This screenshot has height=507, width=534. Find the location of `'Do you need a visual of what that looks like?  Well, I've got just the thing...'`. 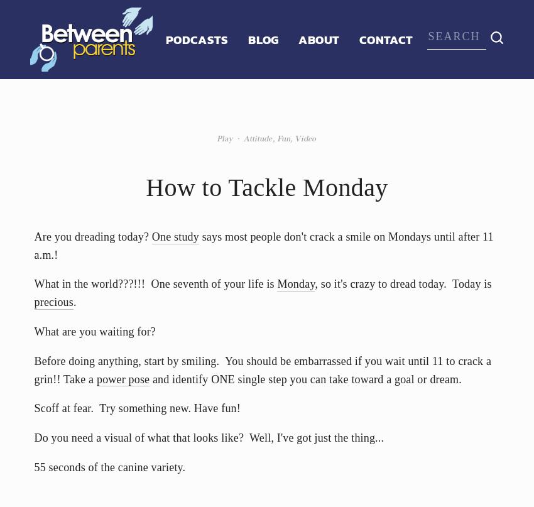

'Do you need a visual of what that looks like?  Well, I've got just the thing...' is located at coordinates (209, 438).